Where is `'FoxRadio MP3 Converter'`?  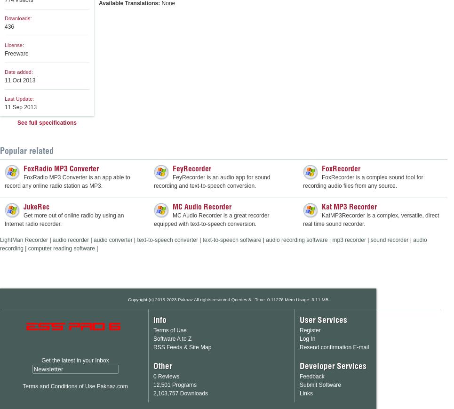
'FoxRadio MP3 Converter' is located at coordinates (61, 168).